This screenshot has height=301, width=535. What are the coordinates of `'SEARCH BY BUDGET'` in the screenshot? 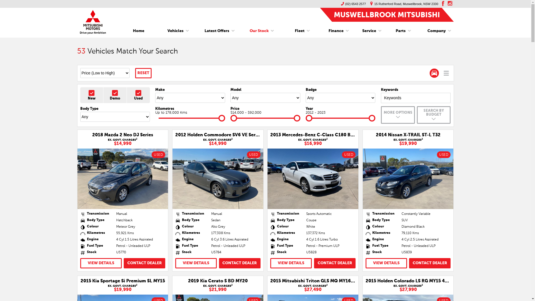 It's located at (433, 115).